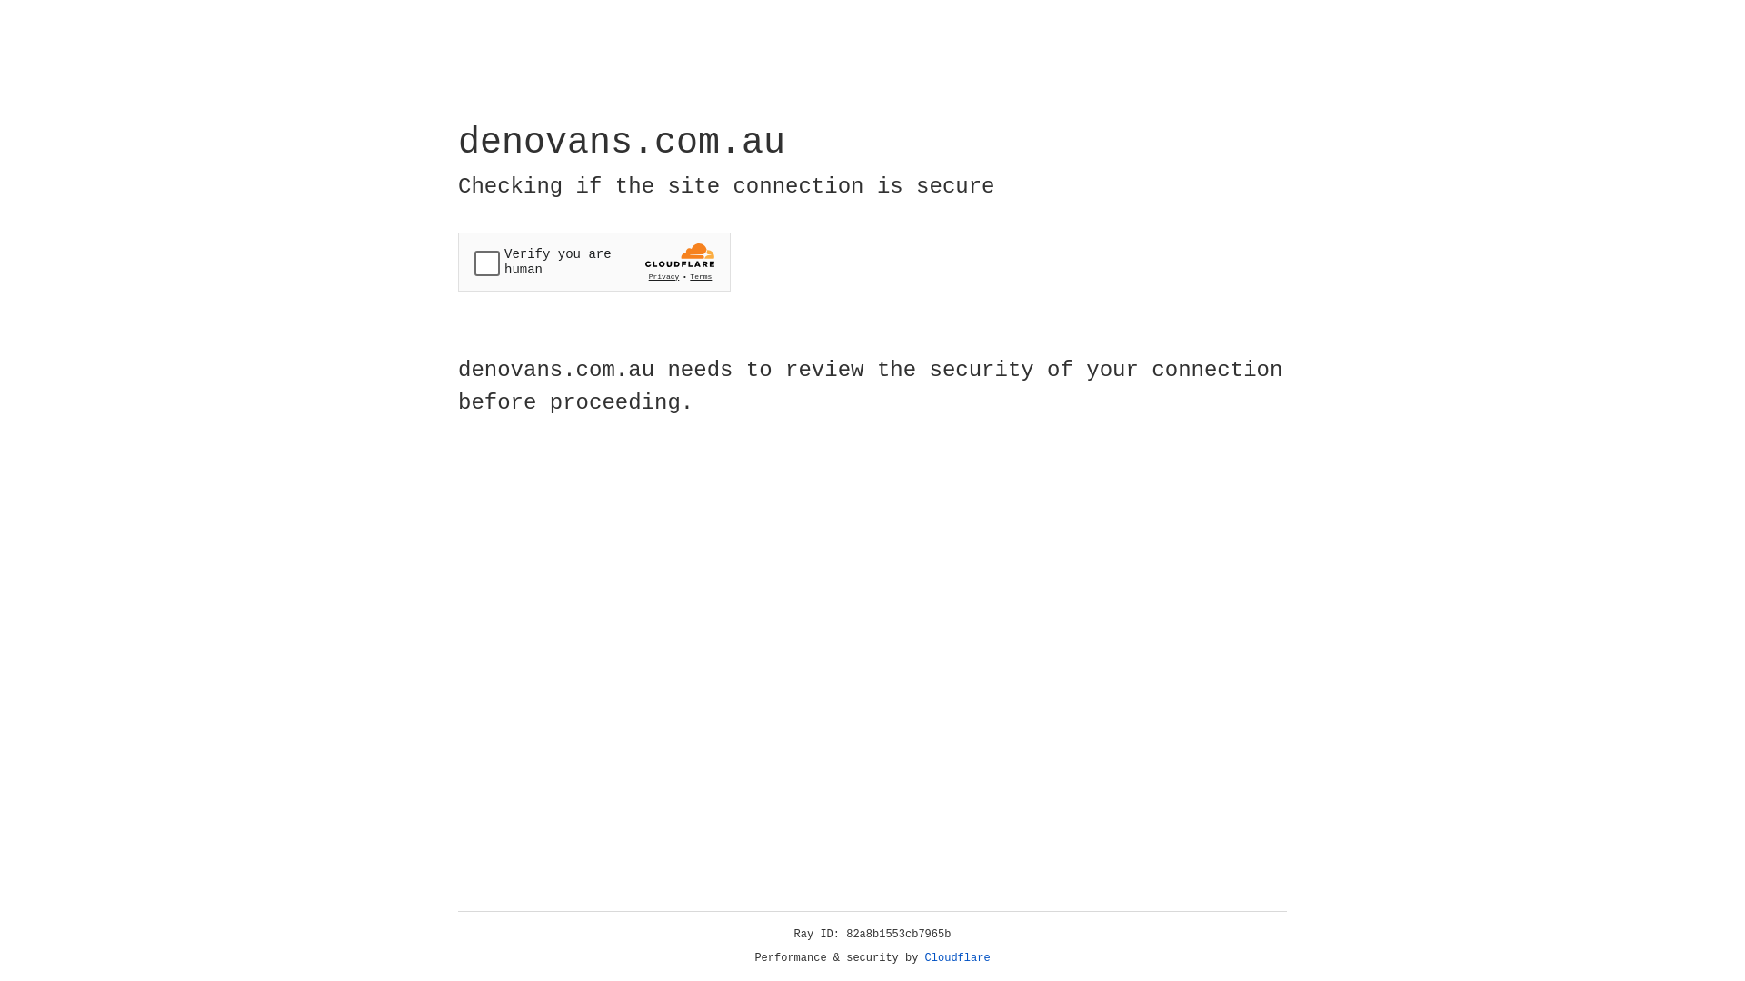 Image resolution: width=1745 pixels, height=981 pixels. Describe the element at coordinates (957, 957) in the screenshot. I see `'Cloudflare'` at that location.